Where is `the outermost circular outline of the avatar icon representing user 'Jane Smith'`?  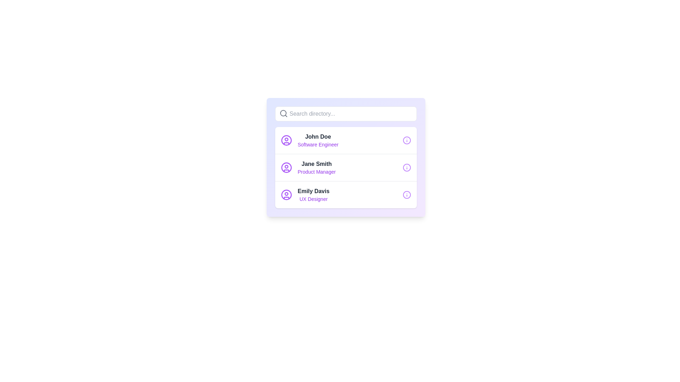
the outermost circular outline of the avatar icon representing user 'Jane Smith' is located at coordinates (286, 168).